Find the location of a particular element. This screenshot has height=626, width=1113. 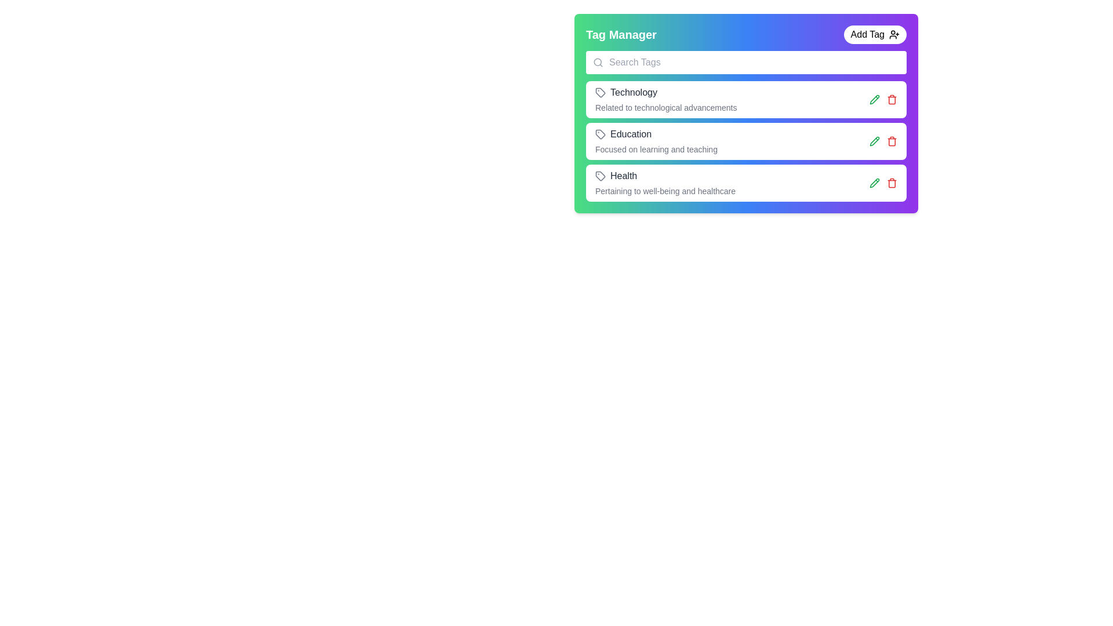

the user icon with a plus sign located to the right of the 'Add Tag' text, which is styled with a minimalist line design and situated inside a rounded button at the top-right of the interface is located at coordinates (893, 34).